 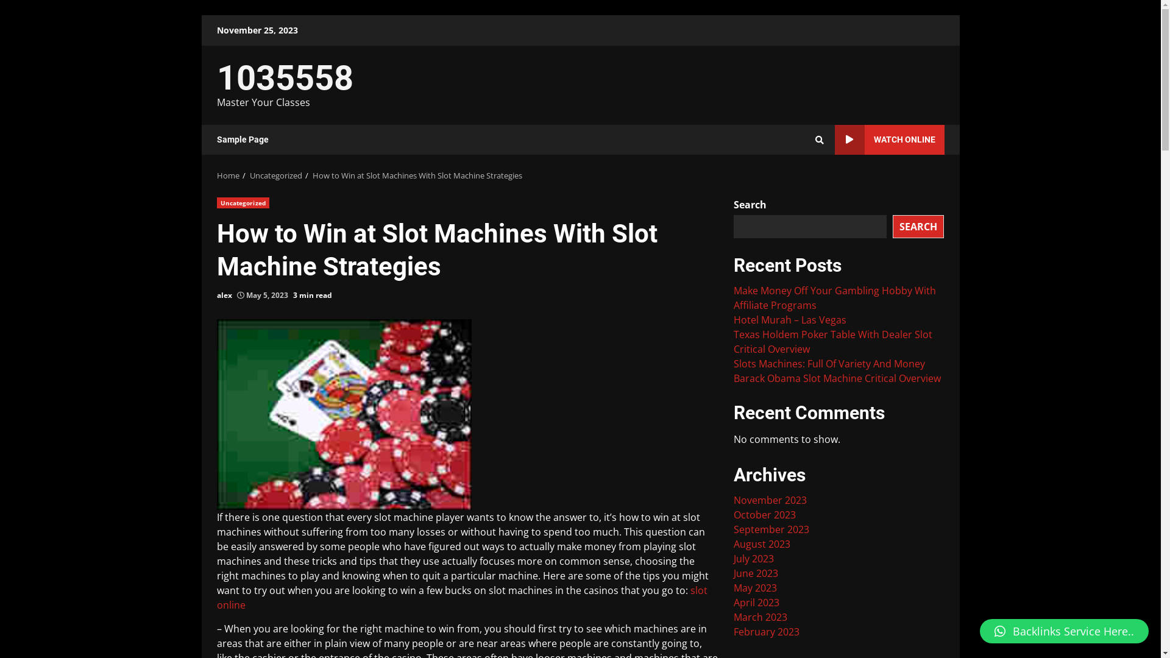 I want to click on 'alex', so click(x=224, y=295).